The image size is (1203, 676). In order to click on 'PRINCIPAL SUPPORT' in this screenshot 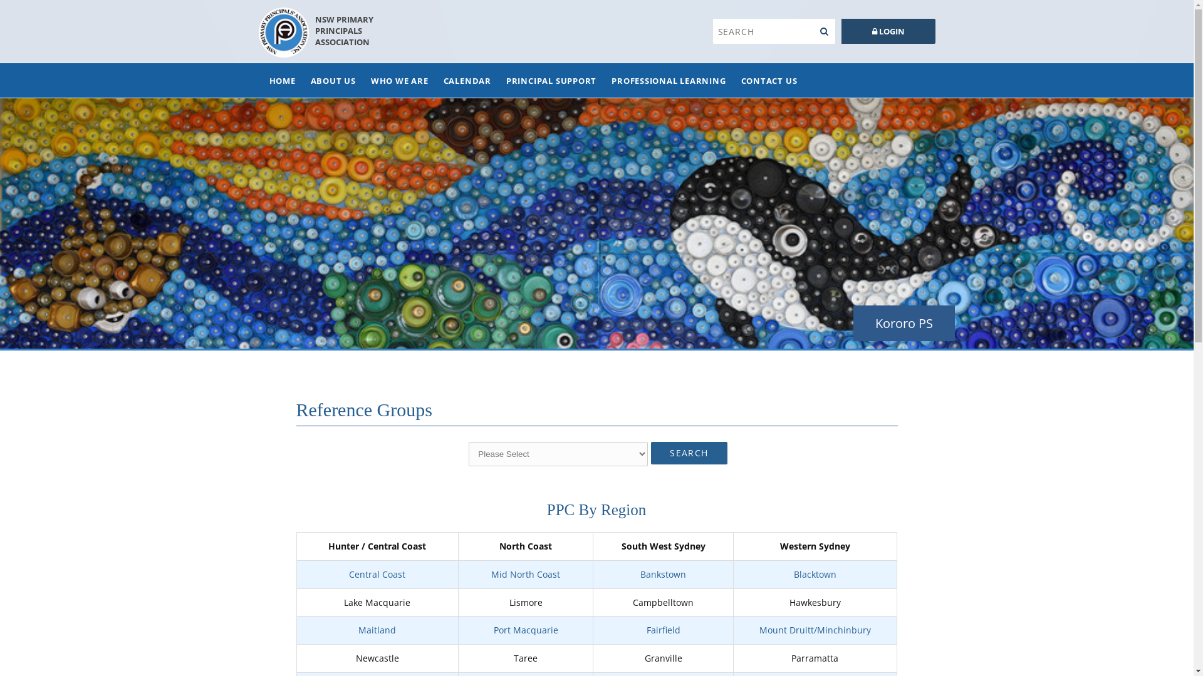, I will do `click(551, 80)`.